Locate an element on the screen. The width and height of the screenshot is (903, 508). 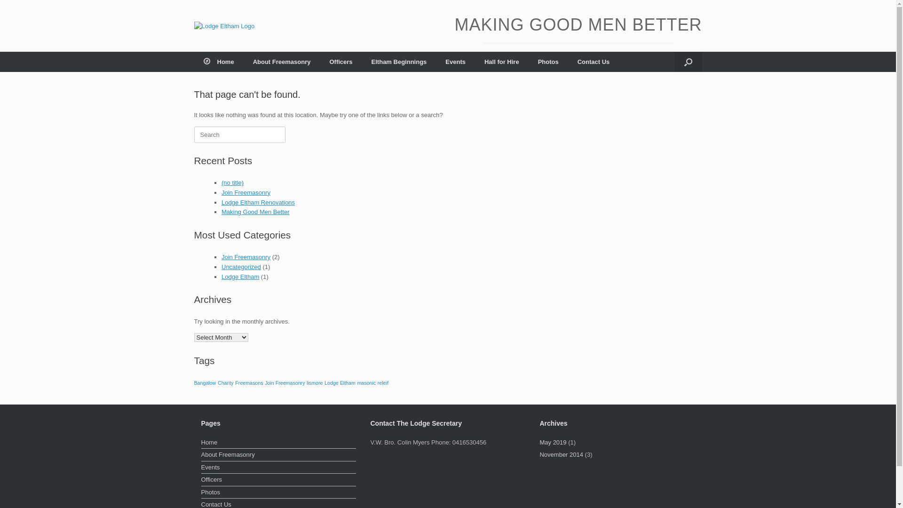
'Uncategorized' is located at coordinates (241, 267).